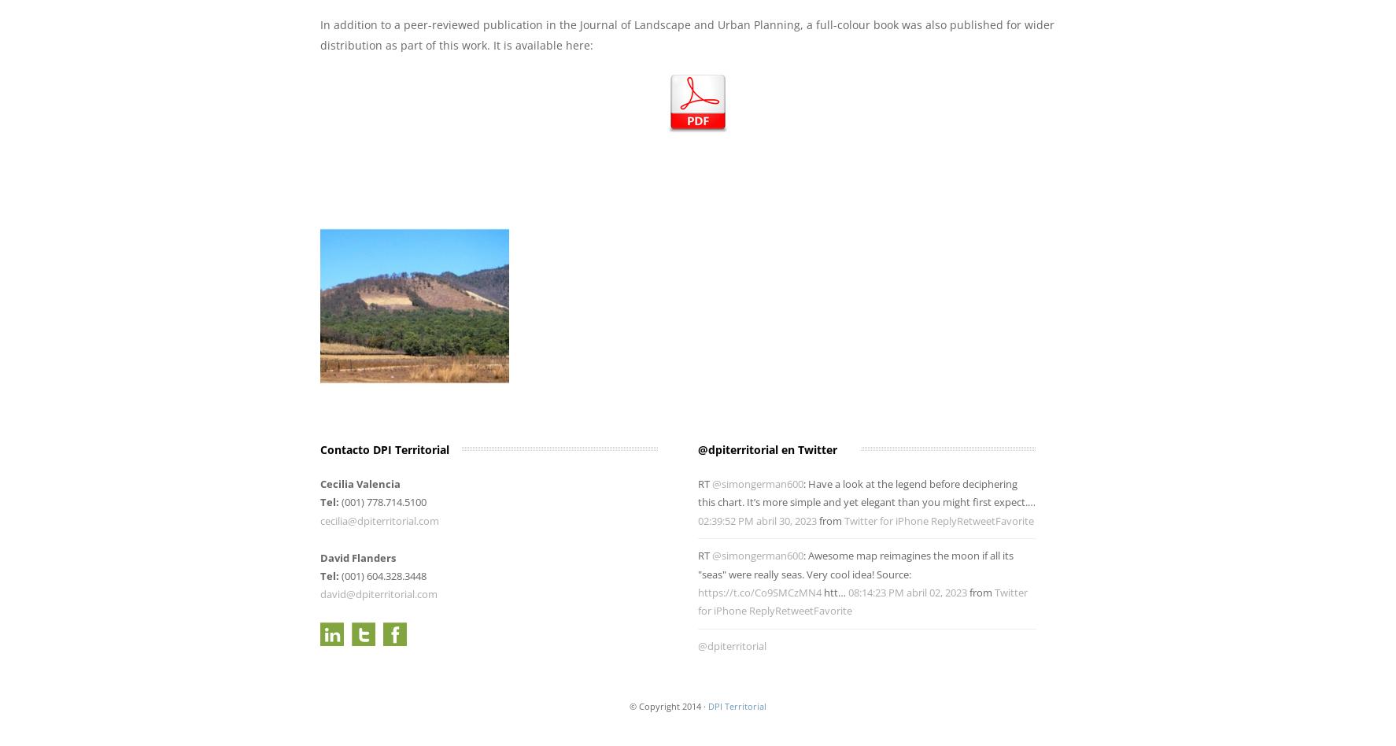 The width and height of the screenshot is (1396, 746). I want to click on 'Cecilia Valencia', so click(360, 482).